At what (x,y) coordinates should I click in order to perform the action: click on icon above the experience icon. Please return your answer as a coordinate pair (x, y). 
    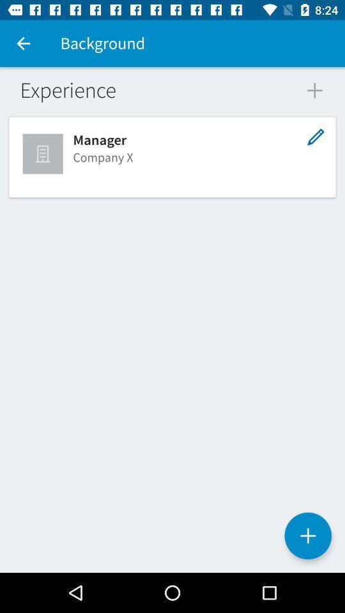
    Looking at the image, I should click on (23, 43).